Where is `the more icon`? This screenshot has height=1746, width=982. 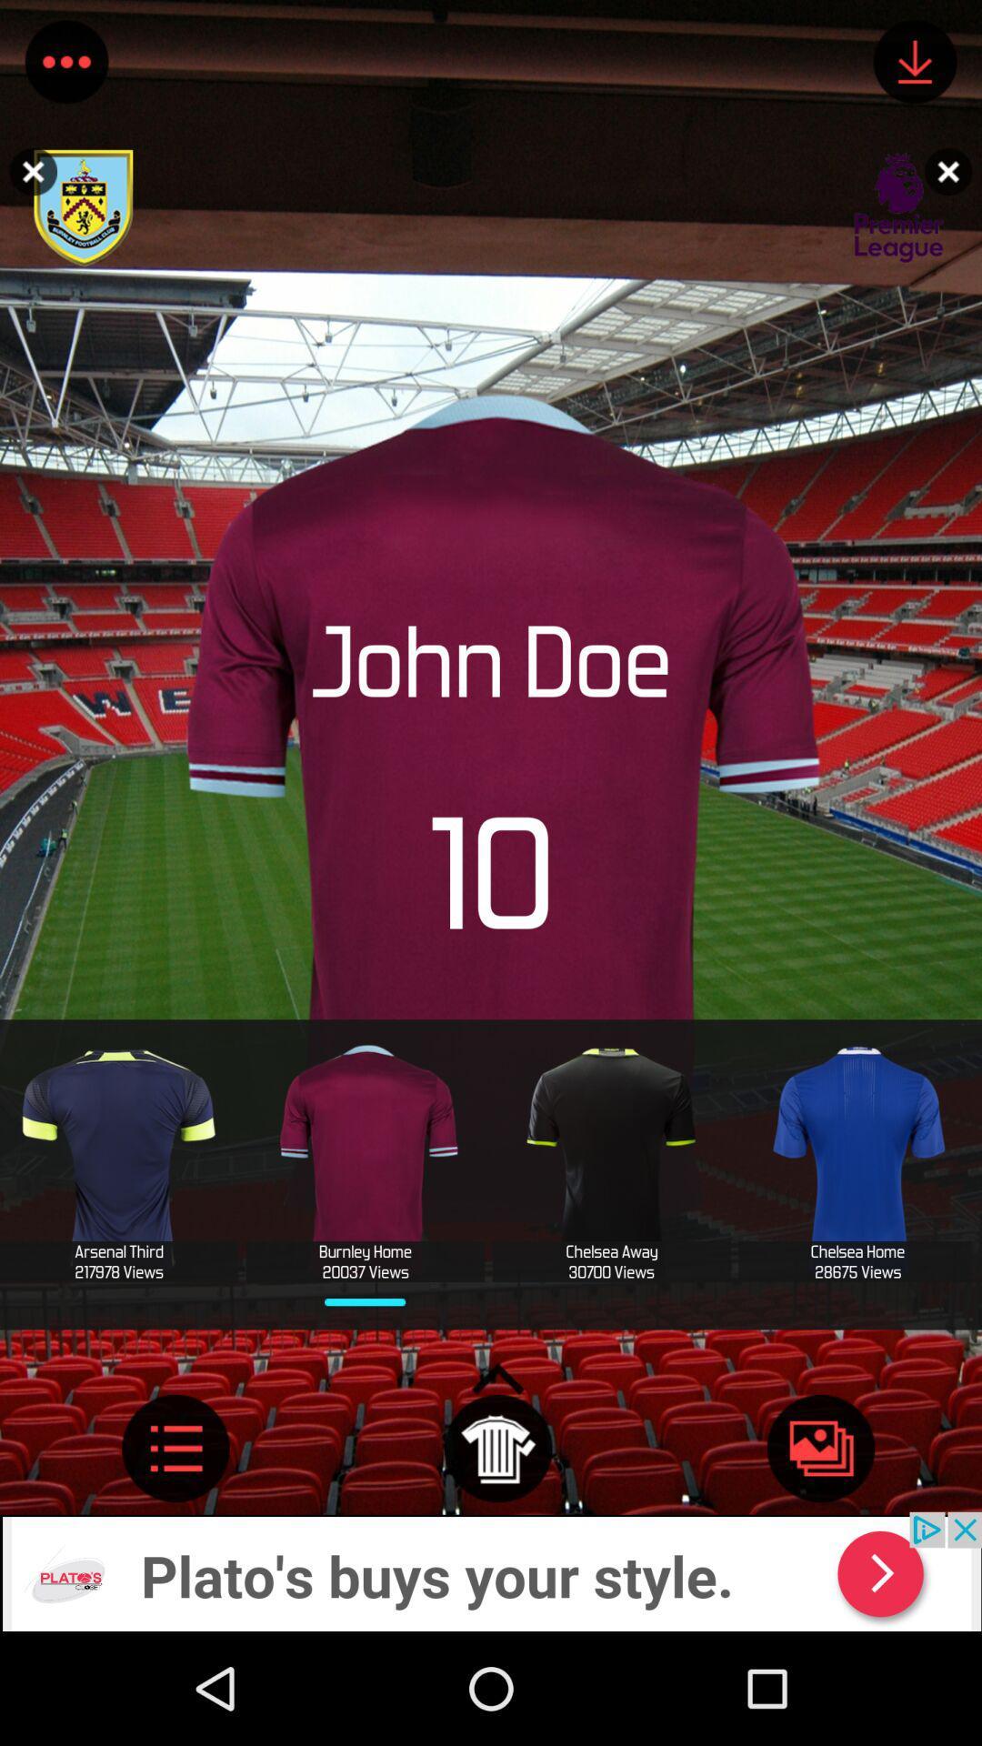 the more icon is located at coordinates (65, 65).